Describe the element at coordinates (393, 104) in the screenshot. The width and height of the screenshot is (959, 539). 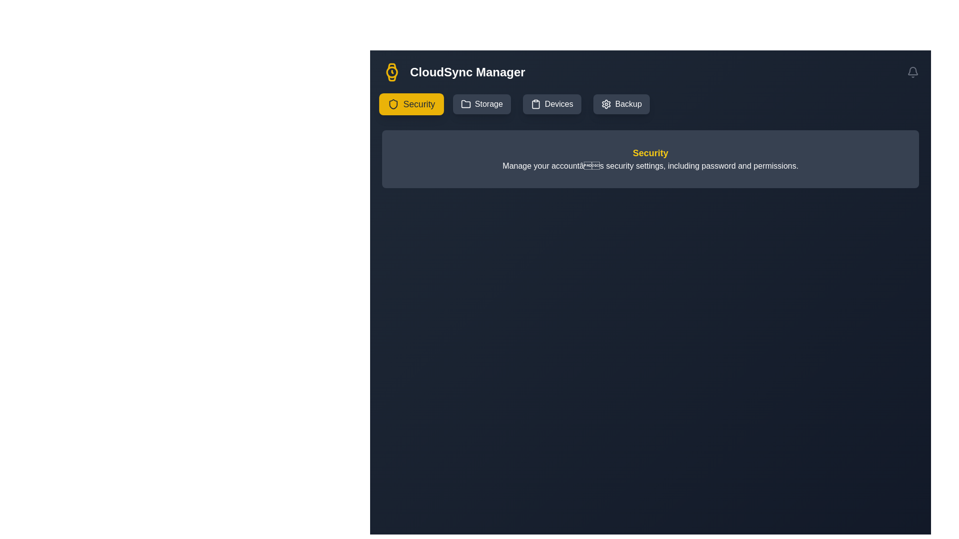
I see `the yellow 'Security' button that contains a minimalist shield icon` at that location.